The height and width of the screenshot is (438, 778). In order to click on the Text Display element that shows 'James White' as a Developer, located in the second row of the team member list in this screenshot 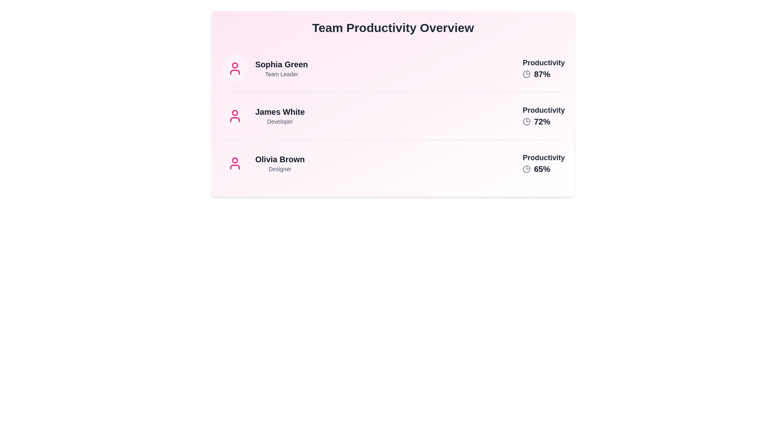, I will do `click(280, 116)`.